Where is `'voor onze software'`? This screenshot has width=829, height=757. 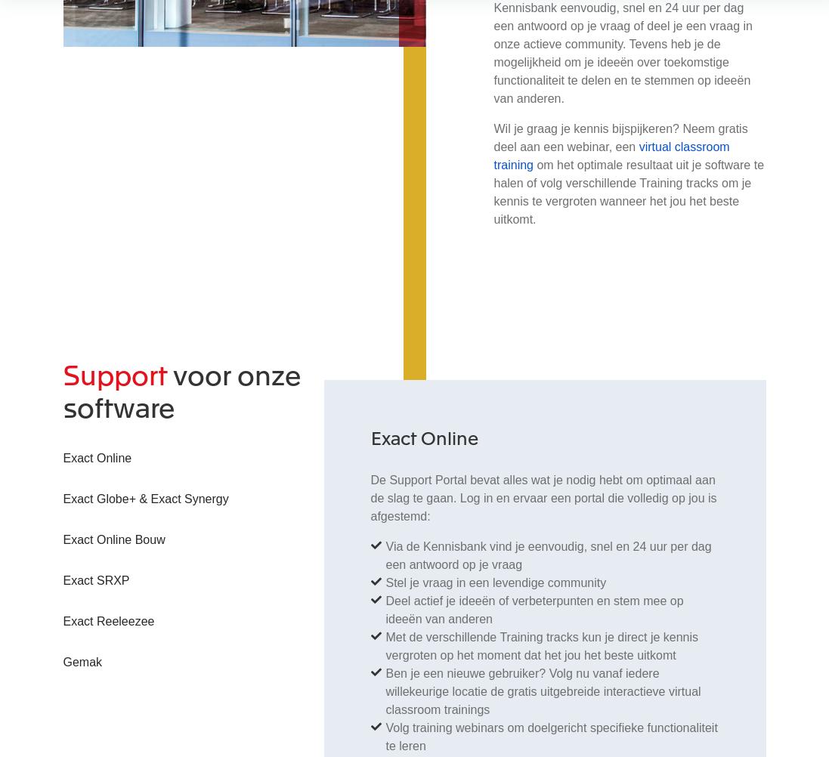
'voor onze software' is located at coordinates (181, 389).